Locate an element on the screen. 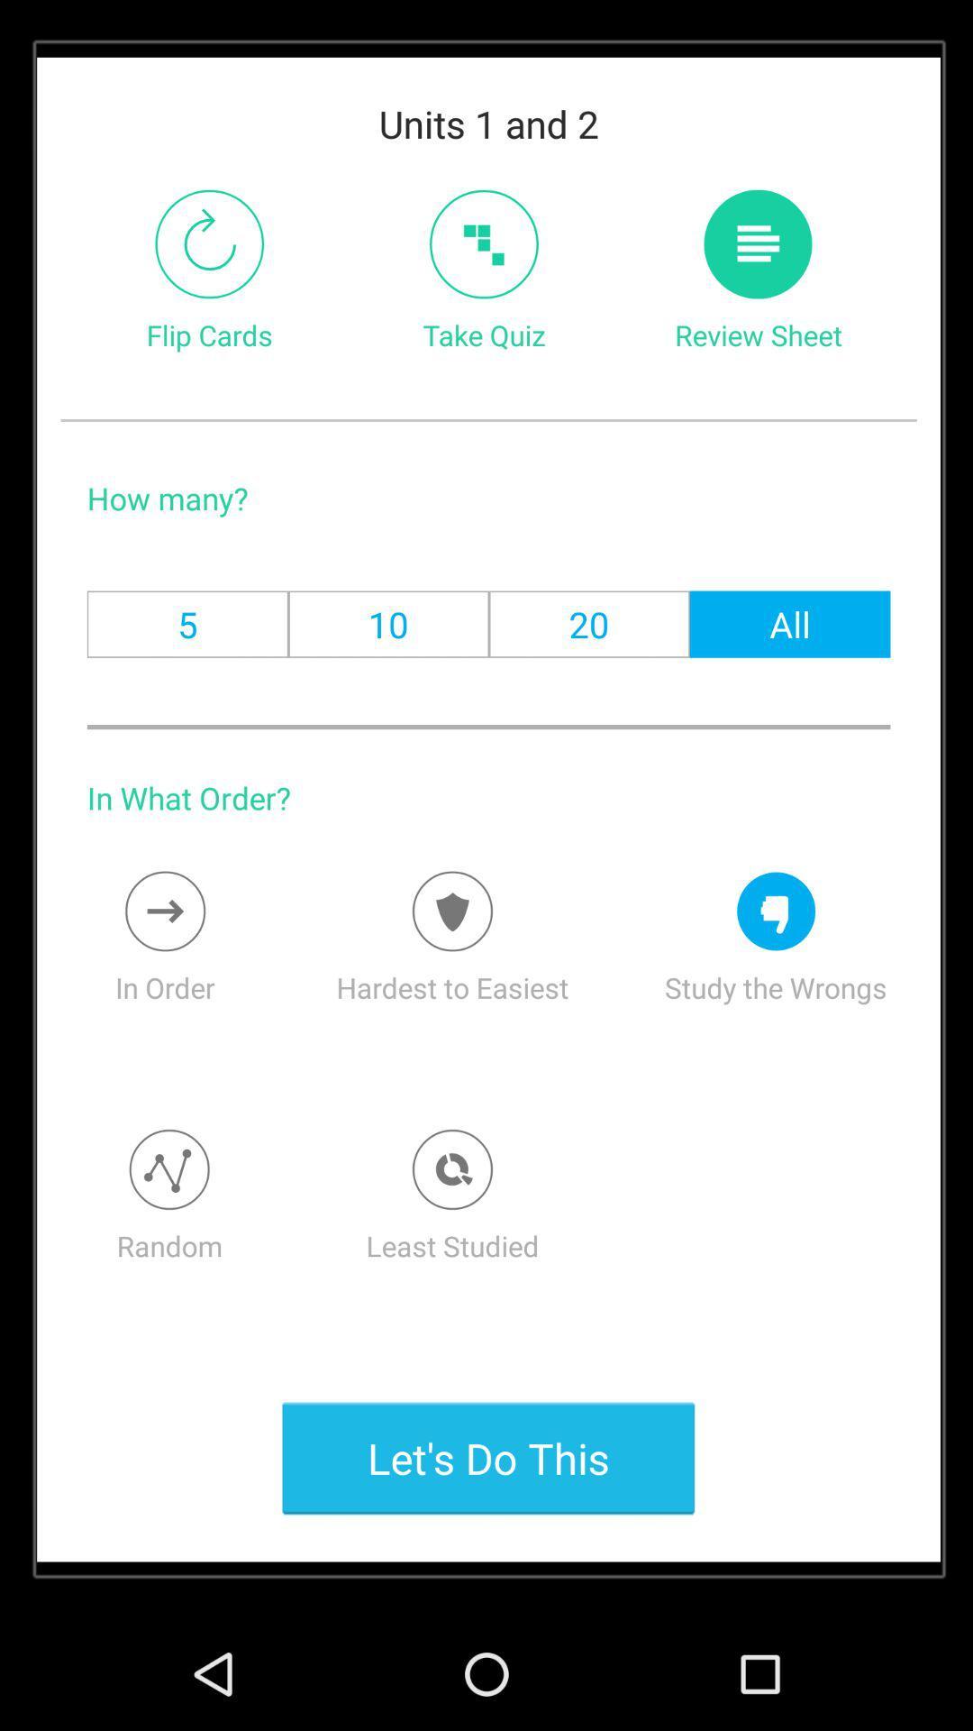 Image resolution: width=973 pixels, height=1731 pixels. the icon to the left of the review sheet item is located at coordinates (483, 243).